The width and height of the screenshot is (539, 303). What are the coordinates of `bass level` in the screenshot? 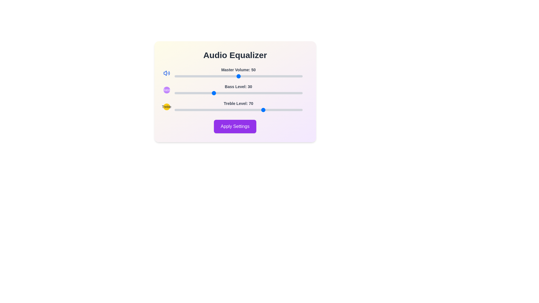 It's located at (268, 93).